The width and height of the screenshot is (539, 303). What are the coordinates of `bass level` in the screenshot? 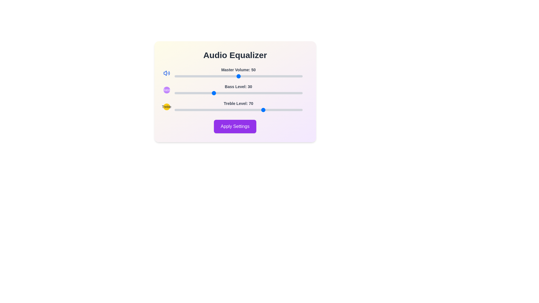 It's located at (268, 93).